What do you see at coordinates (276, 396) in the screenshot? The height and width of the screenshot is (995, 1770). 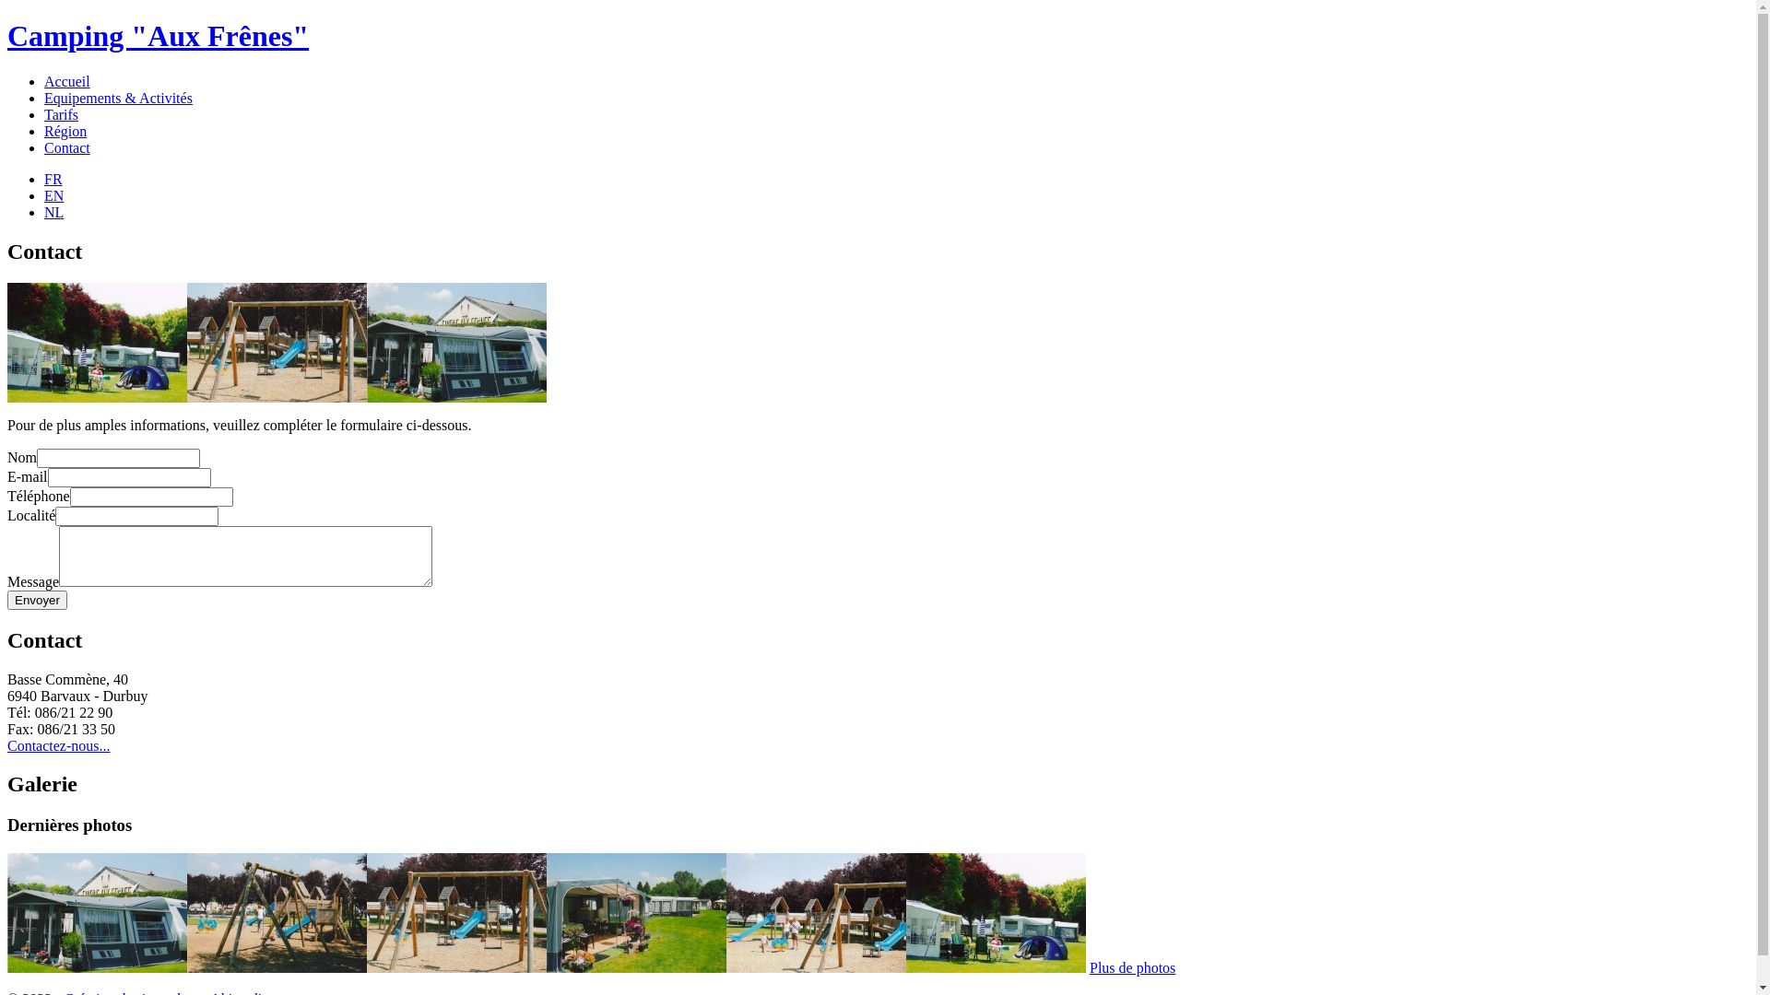 I see `'Plaine de jeux'` at bounding box center [276, 396].